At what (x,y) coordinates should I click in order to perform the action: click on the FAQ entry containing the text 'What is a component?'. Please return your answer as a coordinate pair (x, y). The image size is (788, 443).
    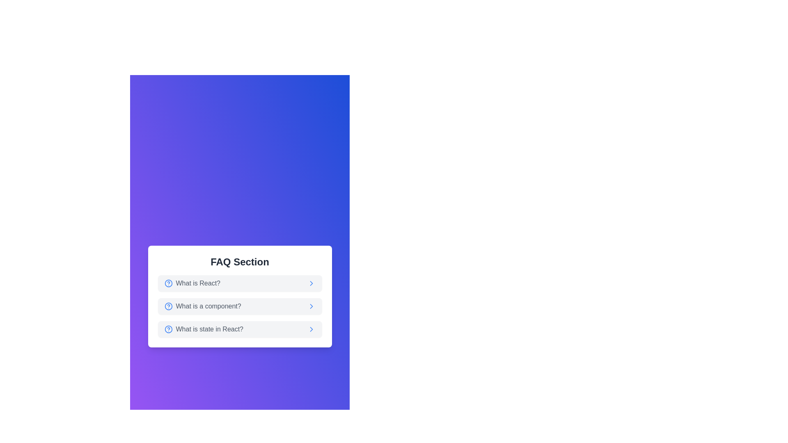
    Looking at the image, I should click on (239, 306).